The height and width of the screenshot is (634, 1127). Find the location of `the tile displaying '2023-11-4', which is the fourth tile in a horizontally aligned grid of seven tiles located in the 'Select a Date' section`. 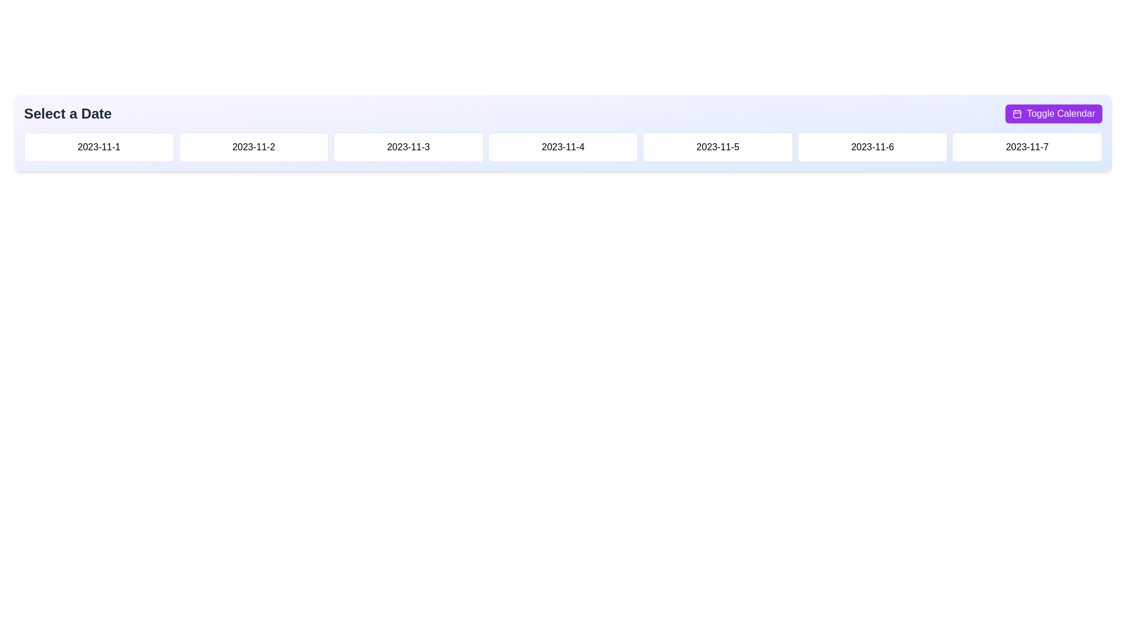

the tile displaying '2023-11-4', which is the fourth tile in a horizontally aligned grid of seven tiles located in the 'Select a Date' section is located at coordinates (562, 146).